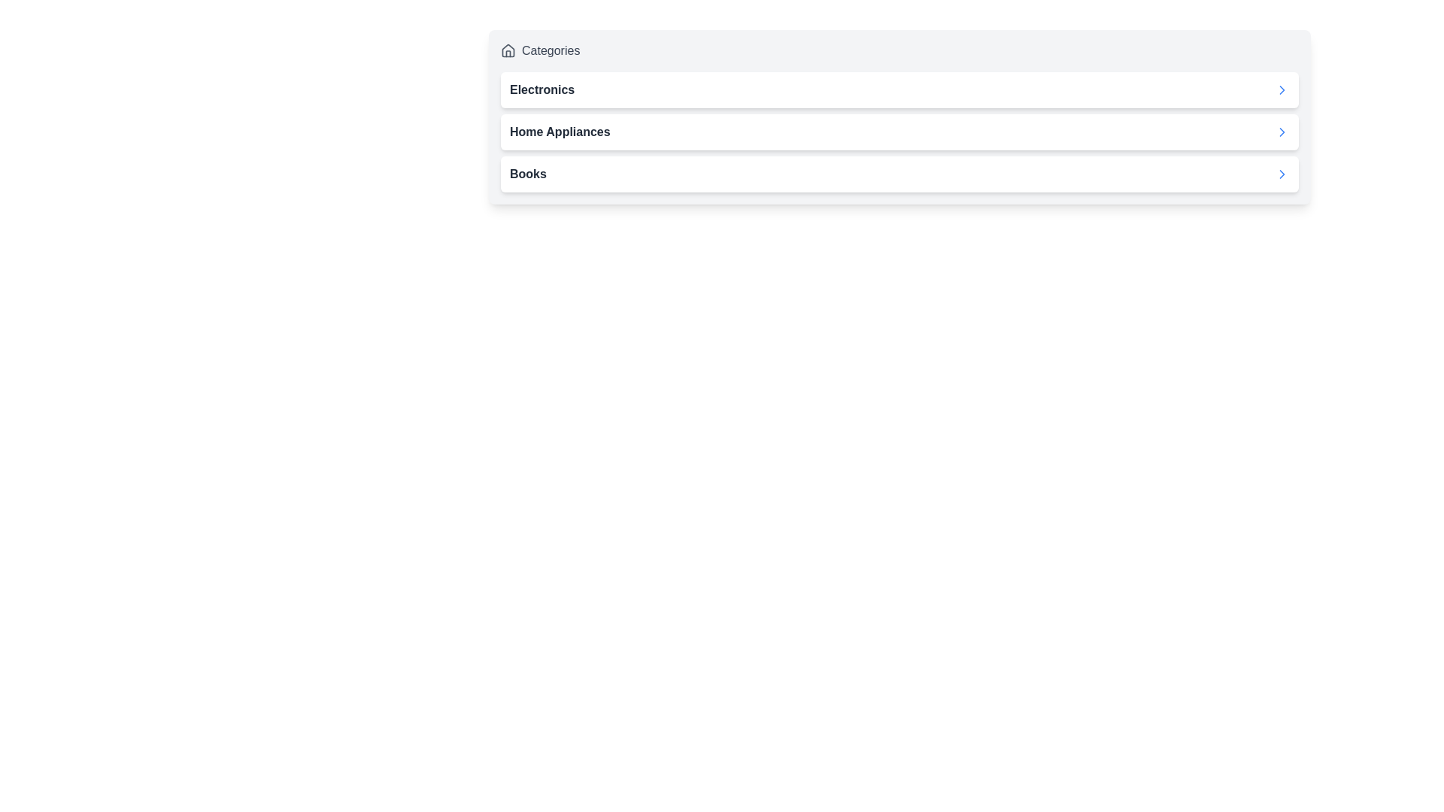 The width and height of the screenshot is (1444, 812). What do you see at coordinates (508, 50) in the screenshot?
I see `the small house-shaped icon located to the left of the 'Categories' text in the header of the 'Categories' section` at bounding box center [508, 50].